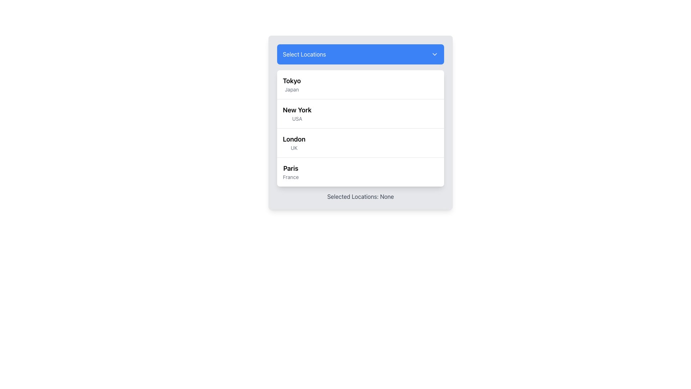  I want to click on the dropdown menu option indicating 'Paris, France', which is the last item in the list under 'Select Locations', so click(290, 172).